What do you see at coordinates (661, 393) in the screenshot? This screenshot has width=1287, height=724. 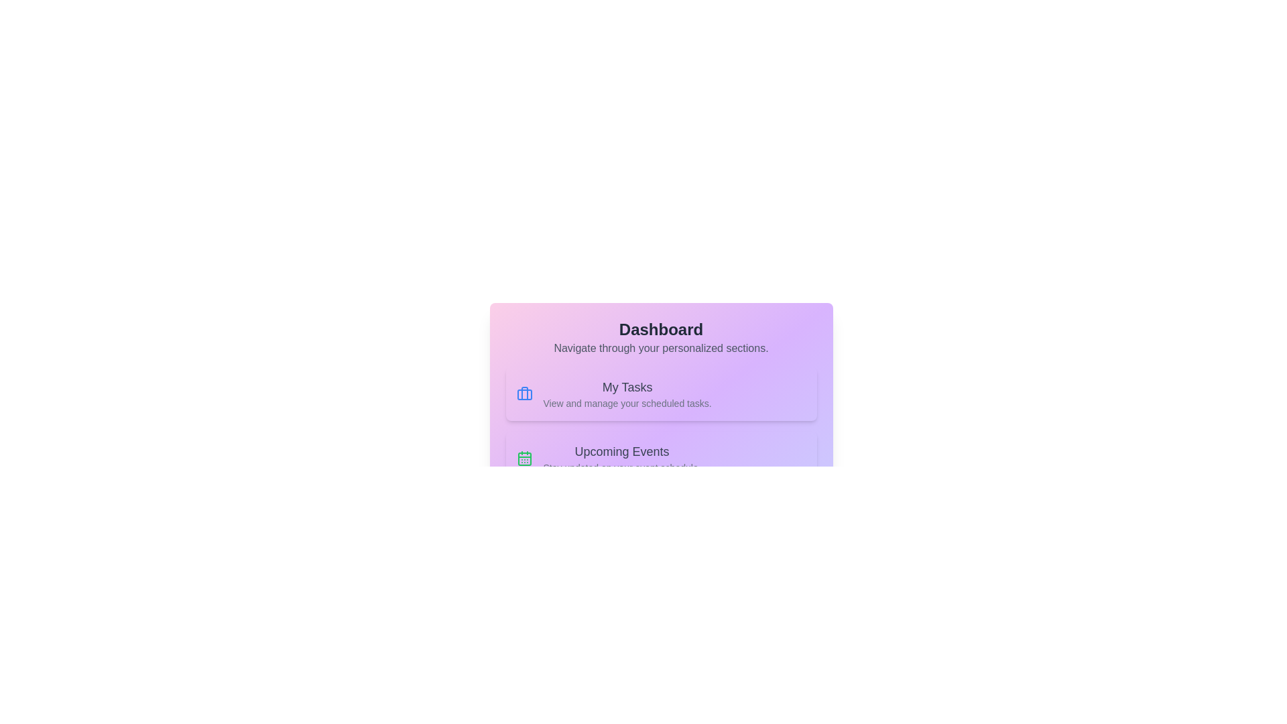 I see `the section corresponding to My Tasks` at bounding box center [661, 393].